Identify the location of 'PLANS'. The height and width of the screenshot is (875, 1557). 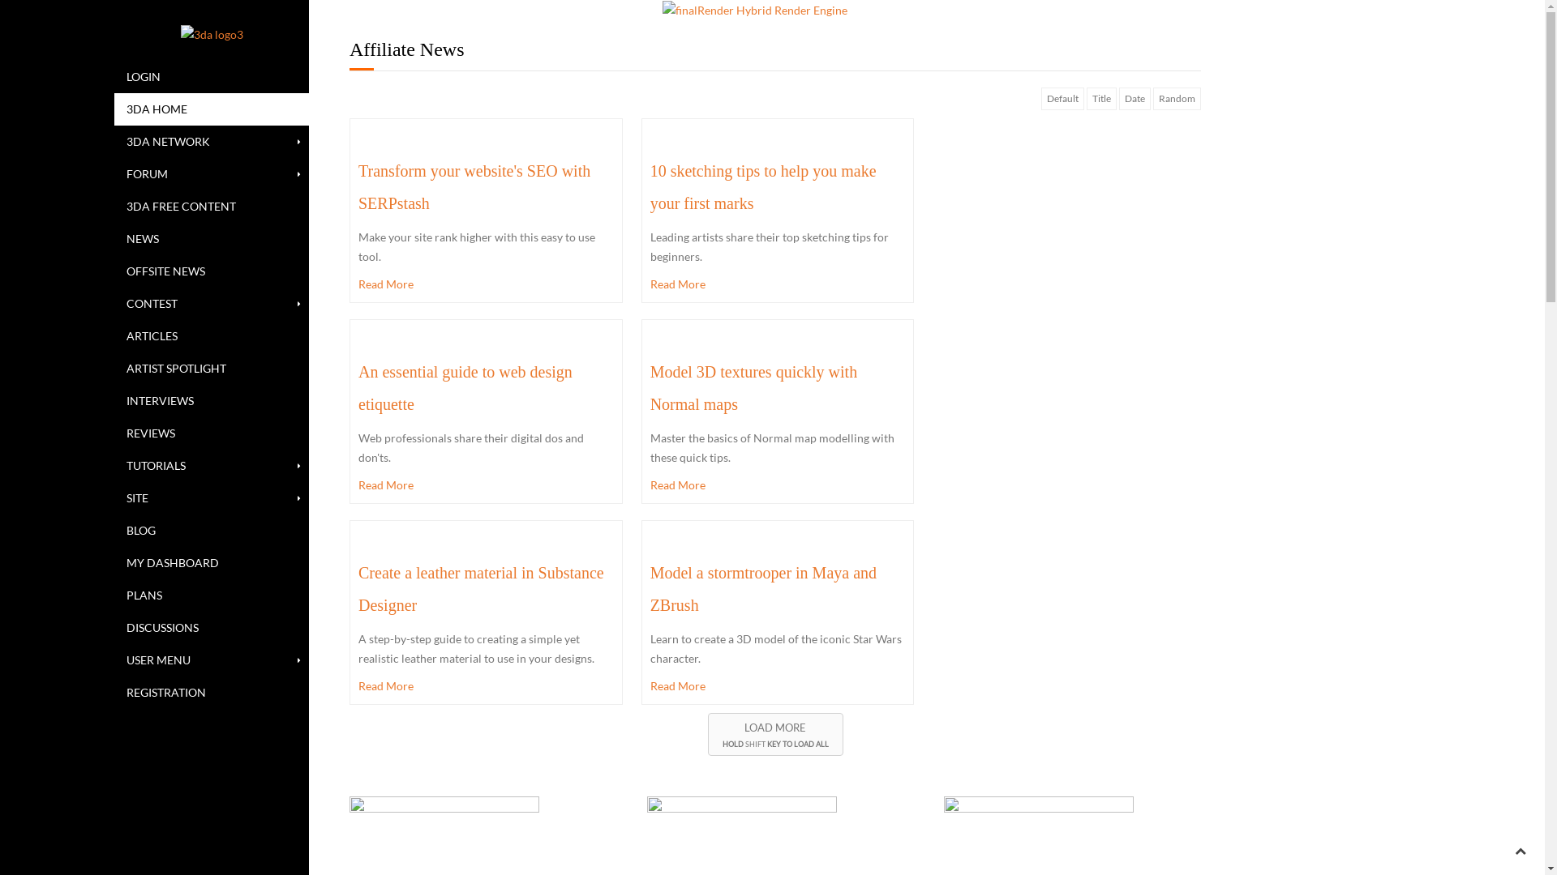
(210, 595).